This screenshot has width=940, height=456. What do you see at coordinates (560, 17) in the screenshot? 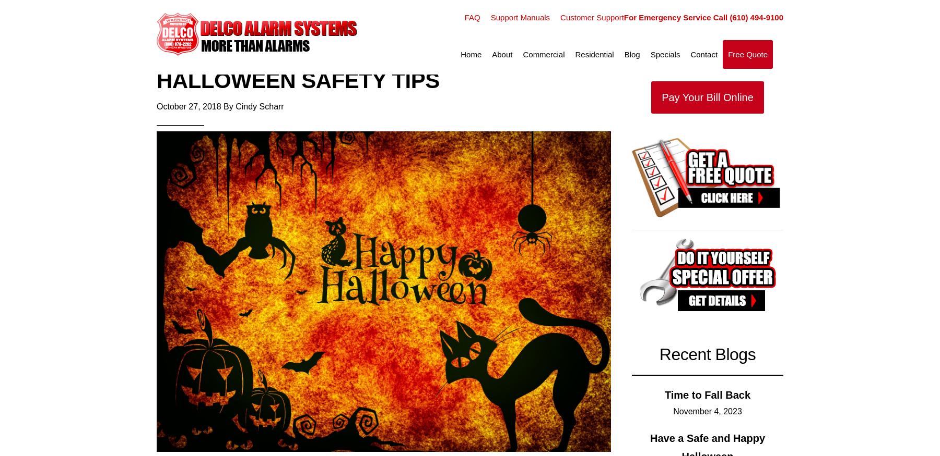
I see `'Customer Support'` at bounding box center [560, 17].